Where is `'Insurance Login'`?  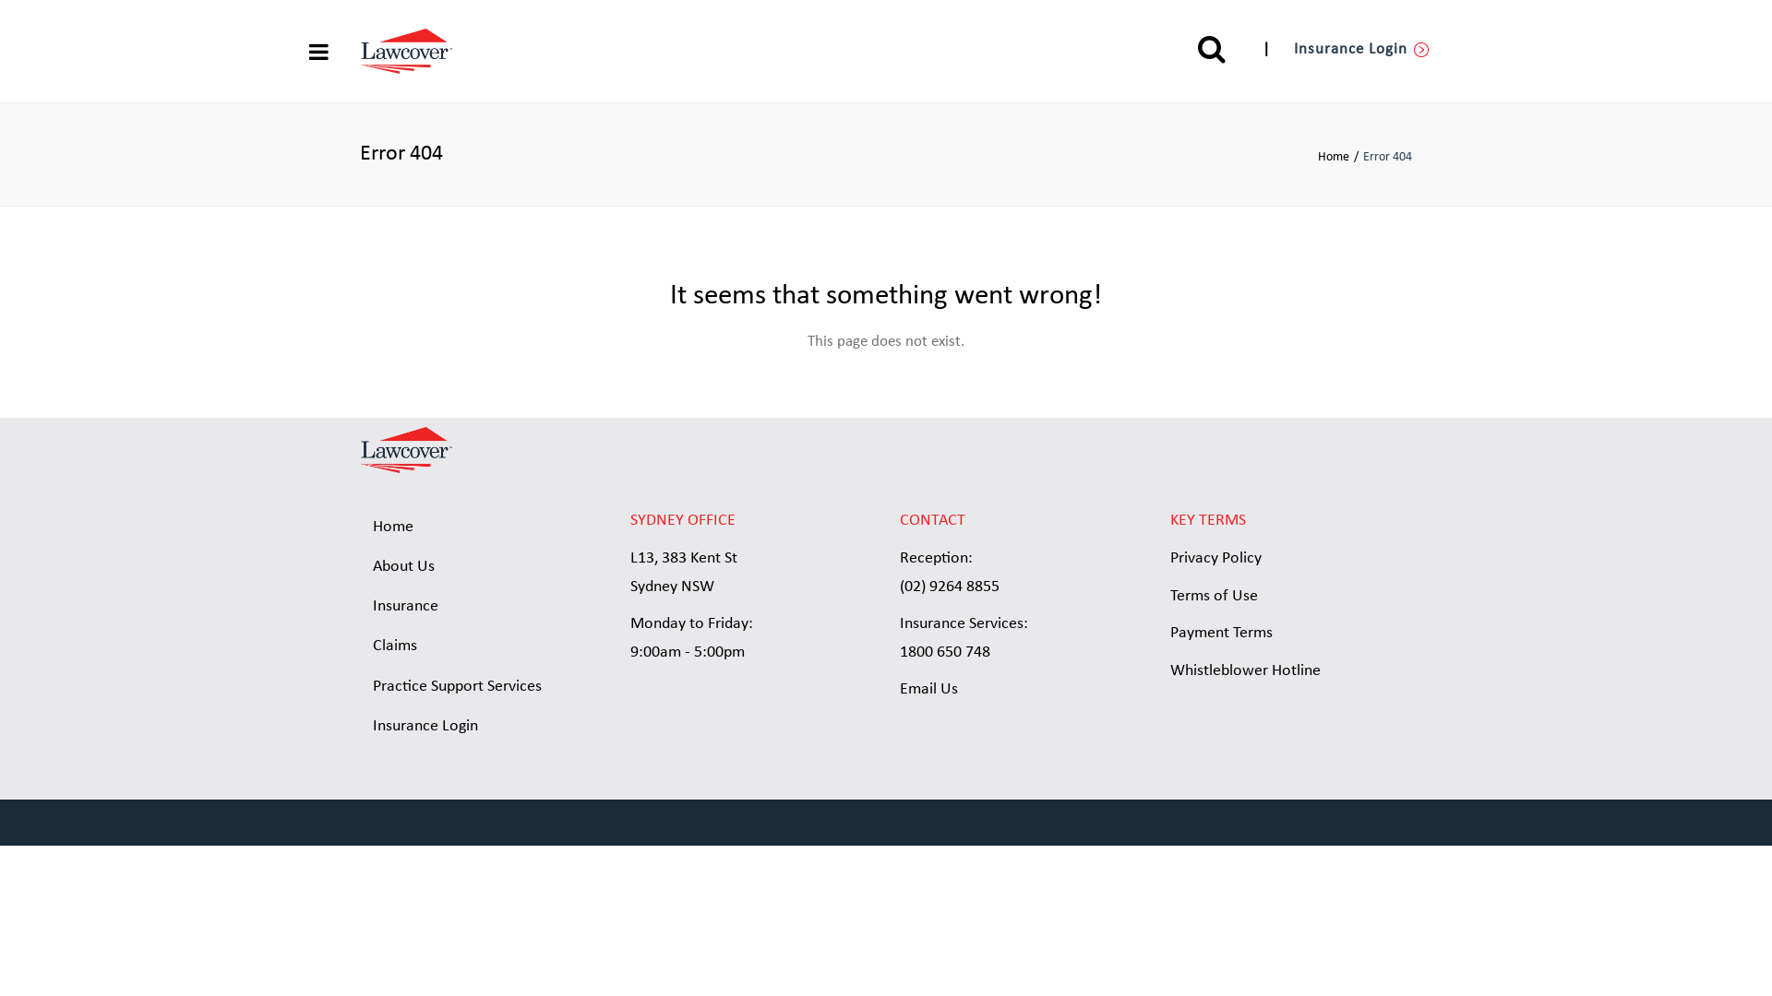
'Insurance Login' is located at coordinates (1362, 48).